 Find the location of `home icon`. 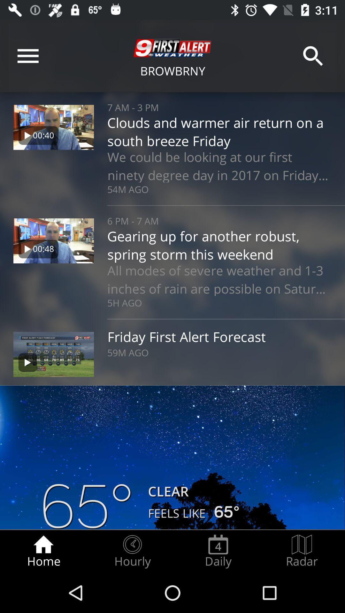

home icon is located at coordinates (43, 551).